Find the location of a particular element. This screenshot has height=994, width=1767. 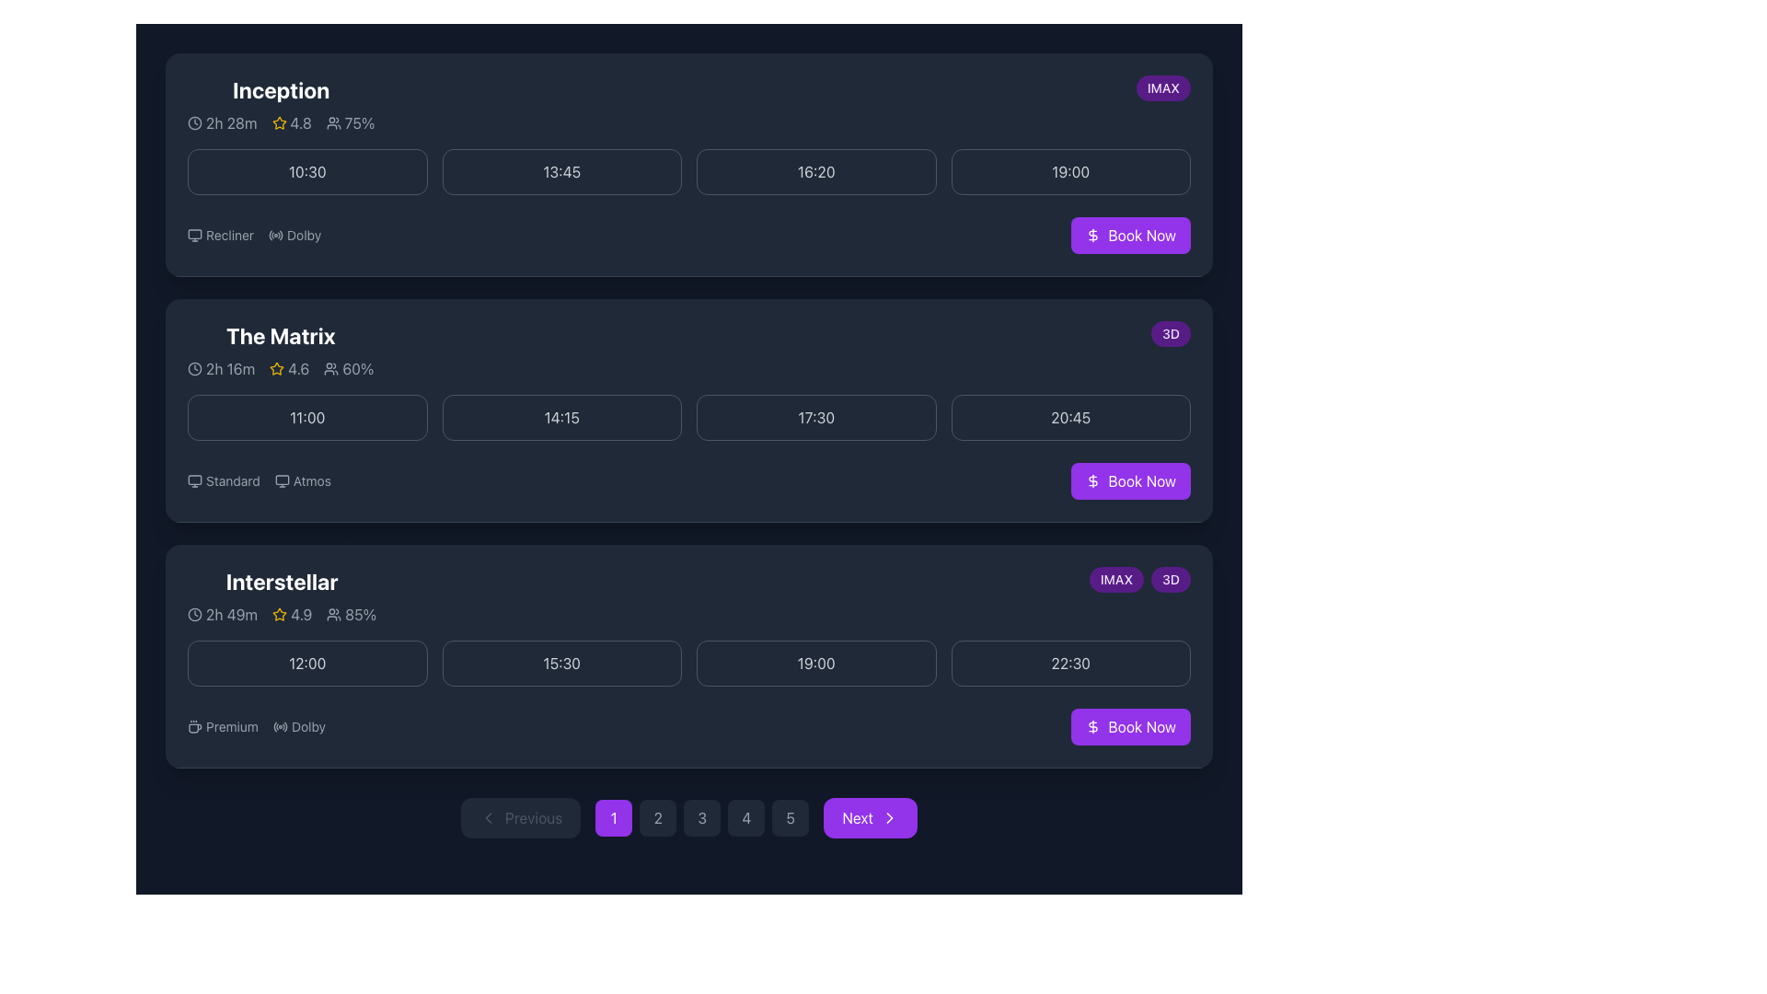

the button displaying '16:20' is located at coordinates (815, 171).